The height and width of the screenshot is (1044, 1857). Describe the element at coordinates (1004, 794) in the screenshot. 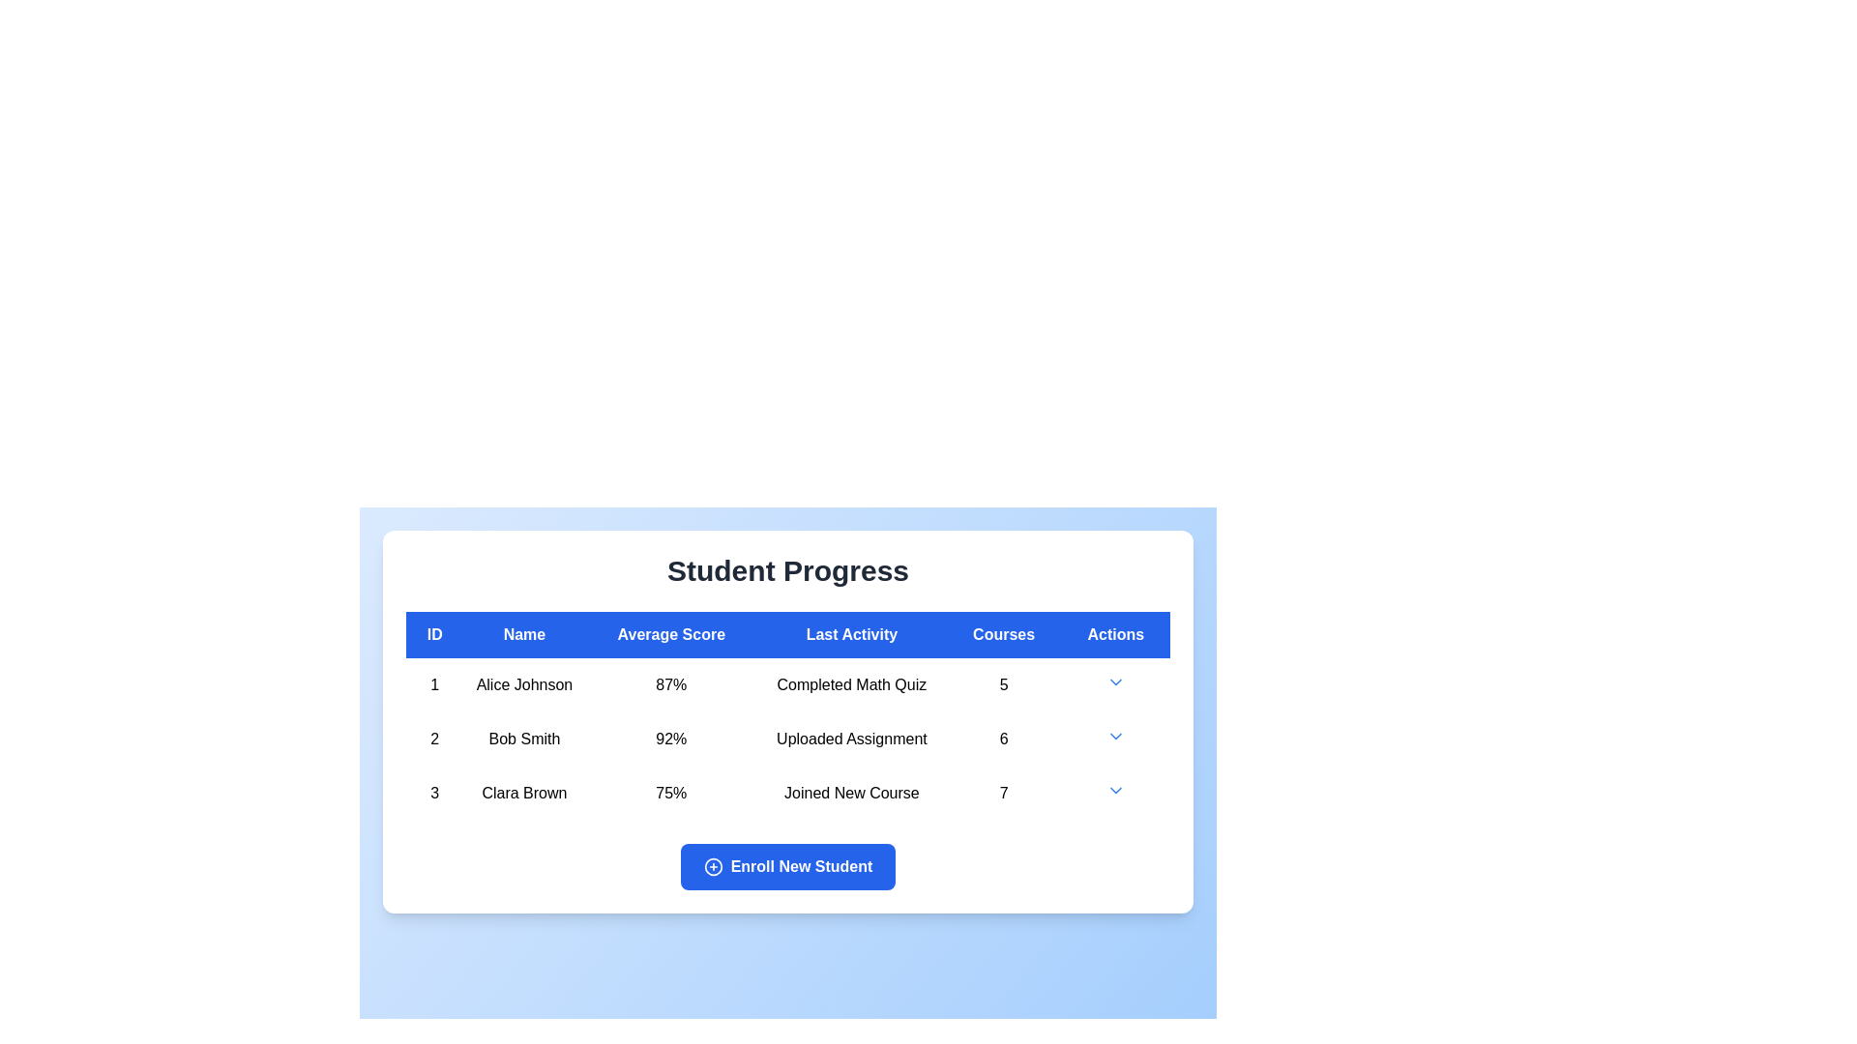

I see `numeric value displayed in the Static table cell for the student 'Clara Brown' in the 'Courses' column of the 'Student Progress' table` at that location.